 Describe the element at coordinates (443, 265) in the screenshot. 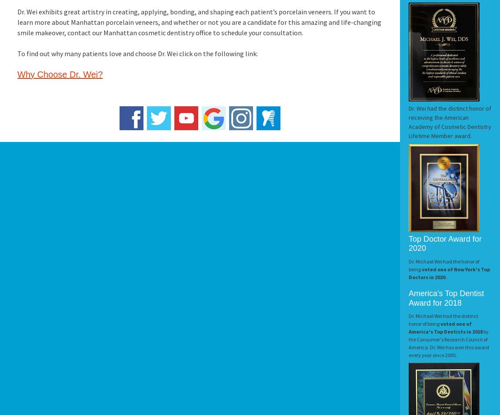

I see `'Dr. Michael Wei had the honor of being'` at that location.